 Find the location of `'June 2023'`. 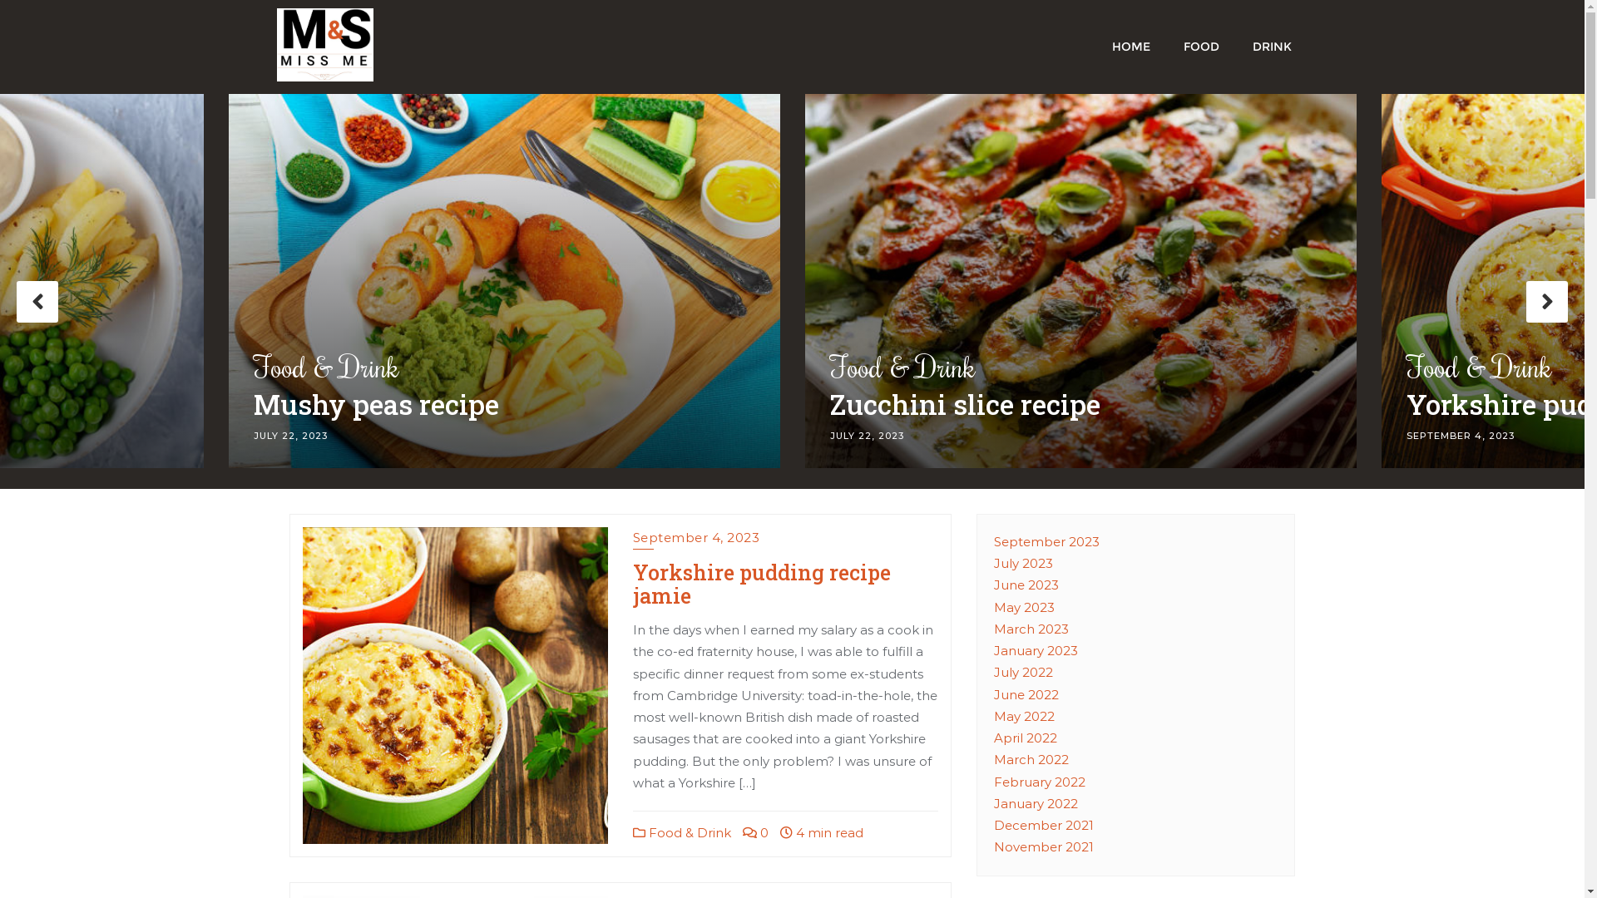

'June 2023' is located at coordinates (994, 584).